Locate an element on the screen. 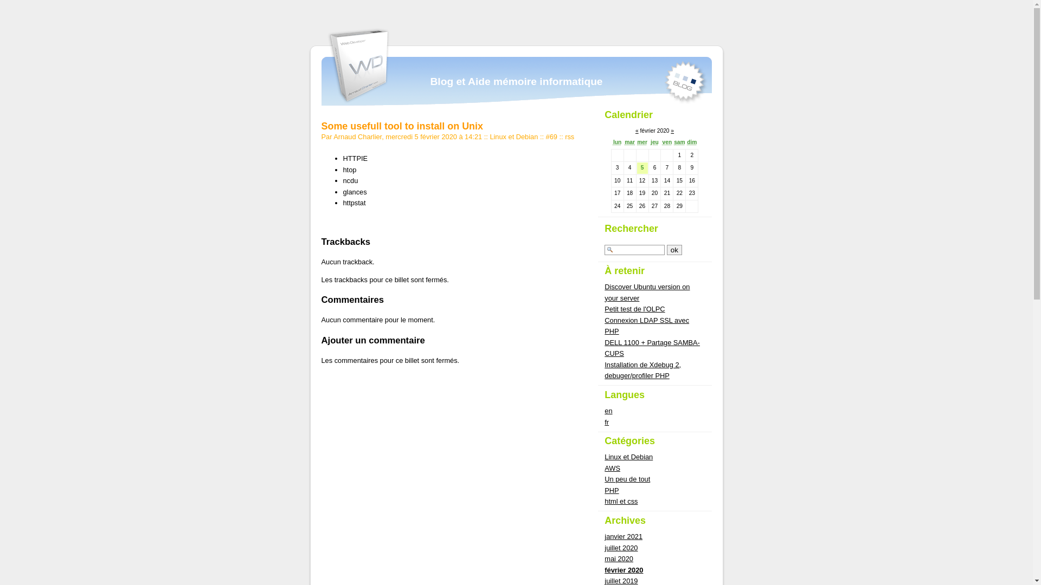 This screenshot has height=585, width=1041. 'Petit test de l'OLPC' is located at coordinates (634, 309).